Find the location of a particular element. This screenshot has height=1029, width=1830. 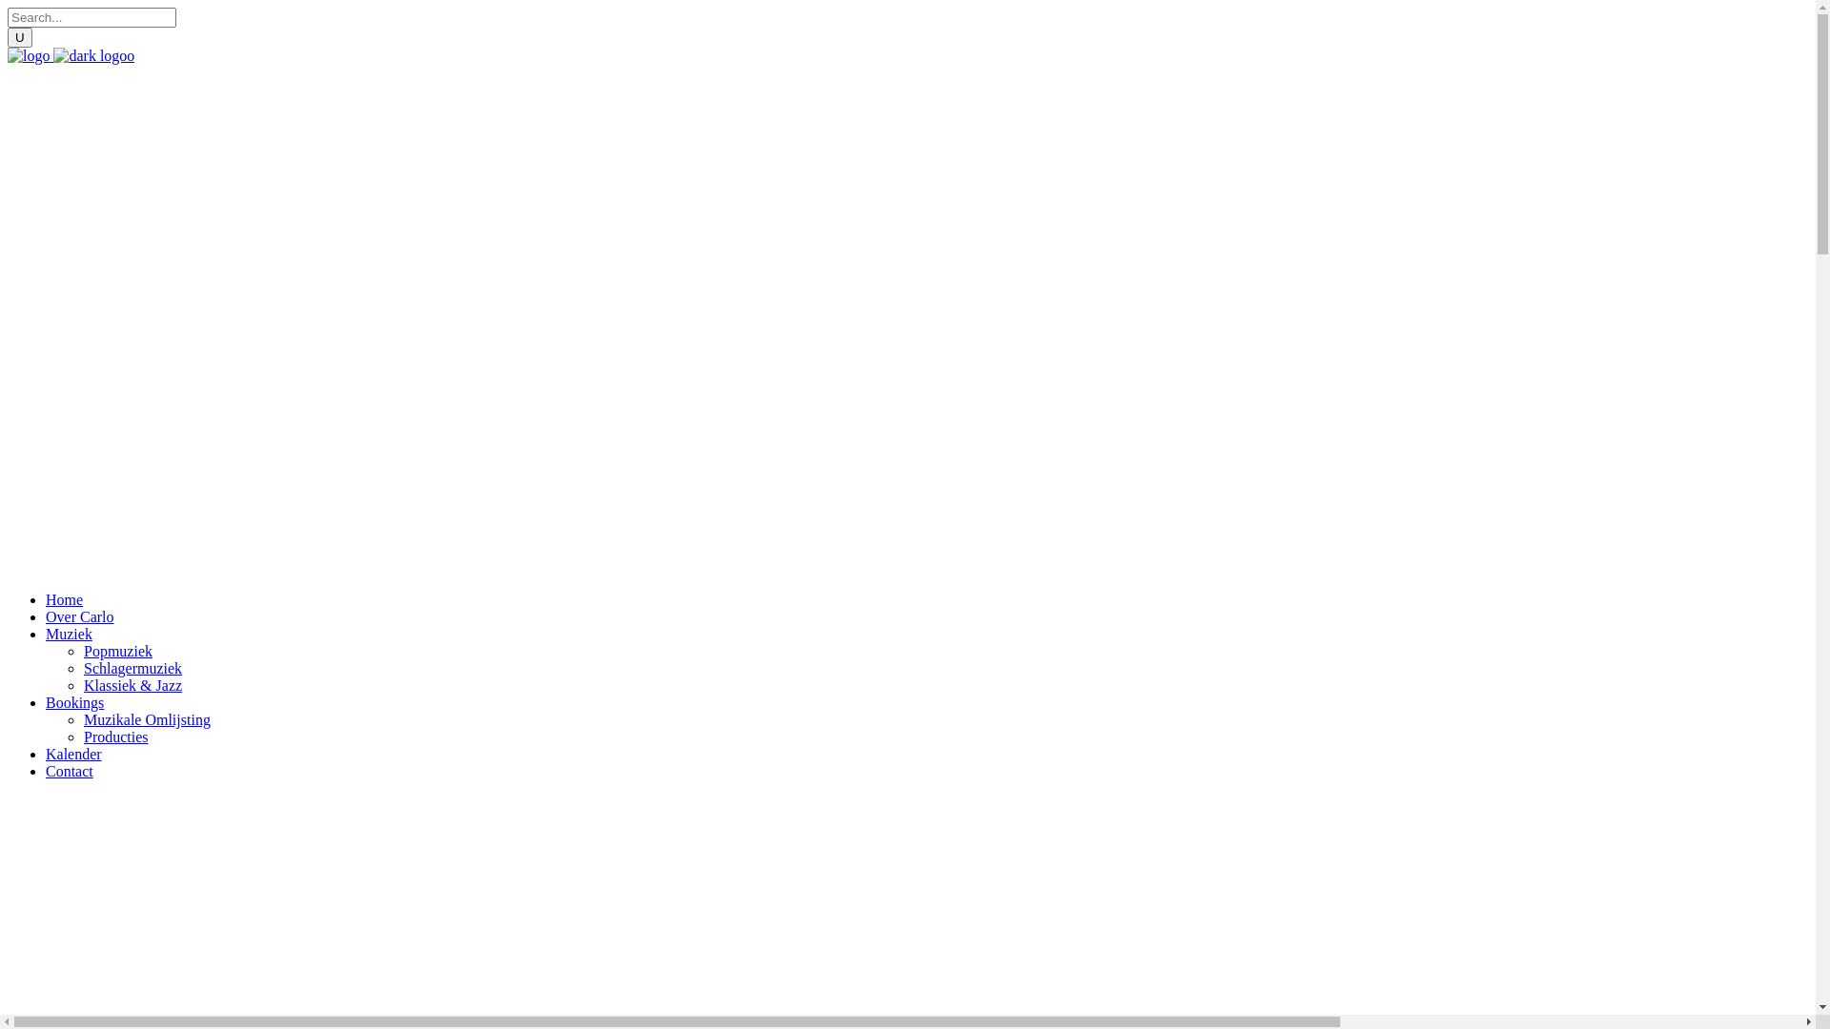

'Producties' is located at coordinates (114, 736).